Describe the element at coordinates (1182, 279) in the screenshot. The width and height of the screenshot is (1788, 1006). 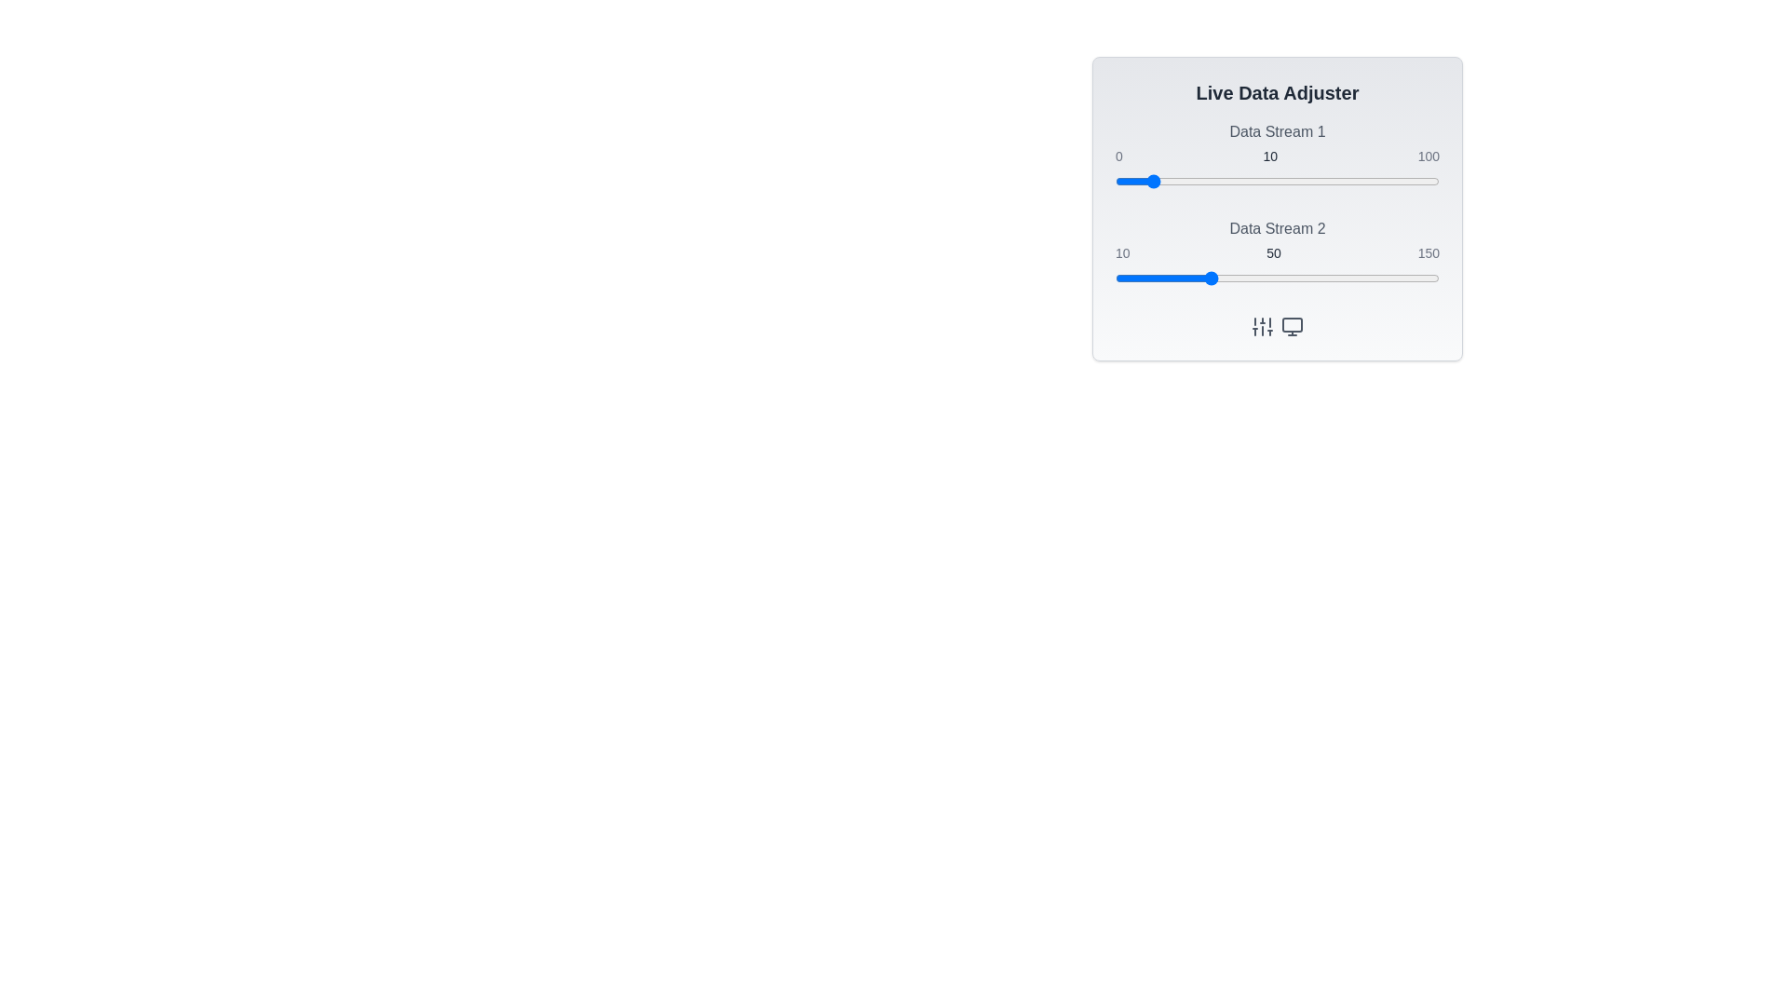
I see `the Data Stream 2 value` at that location.